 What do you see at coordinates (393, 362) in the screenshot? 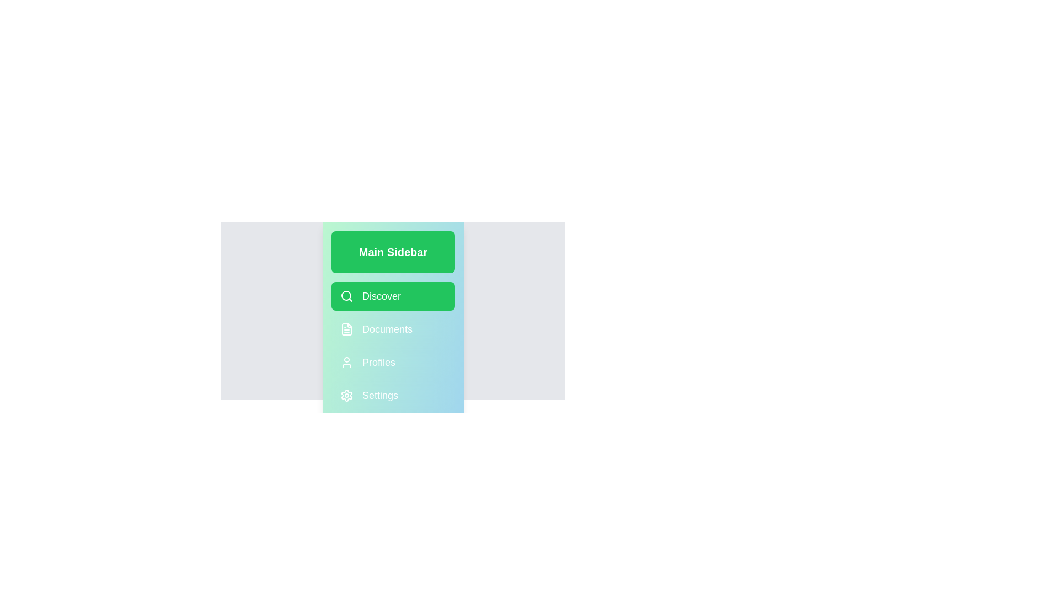
I see `the 'Profiles' navigation button located in the sidebar menu, which is the third item below 'Discover' and 'Documents'` at bounding box center [393, 362].